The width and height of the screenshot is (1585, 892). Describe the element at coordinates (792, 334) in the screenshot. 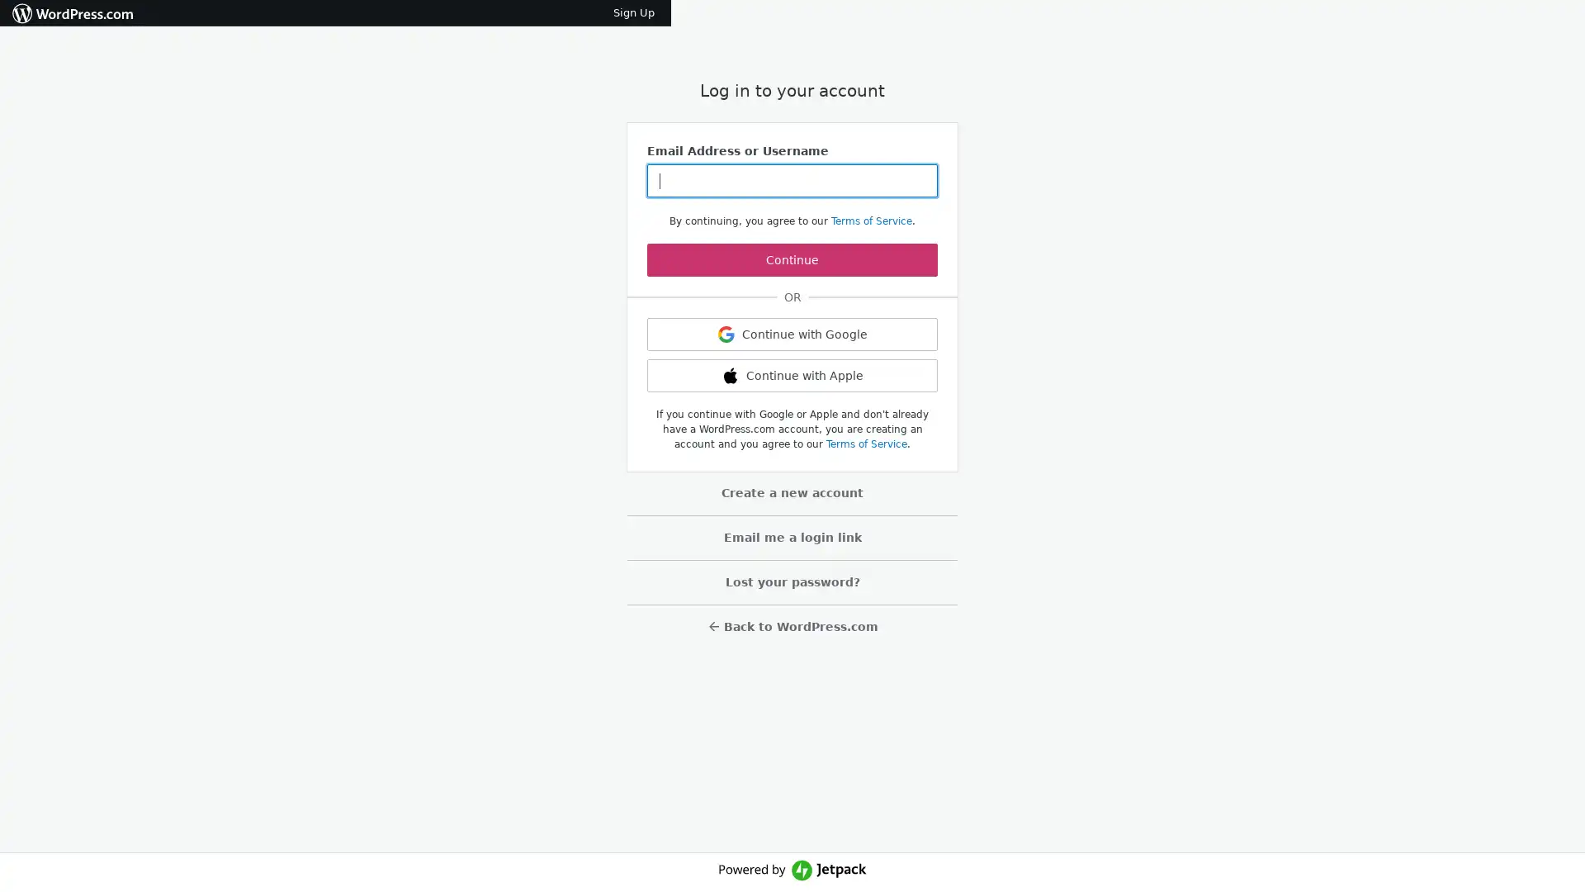

I see `Continue with Google` at that location.